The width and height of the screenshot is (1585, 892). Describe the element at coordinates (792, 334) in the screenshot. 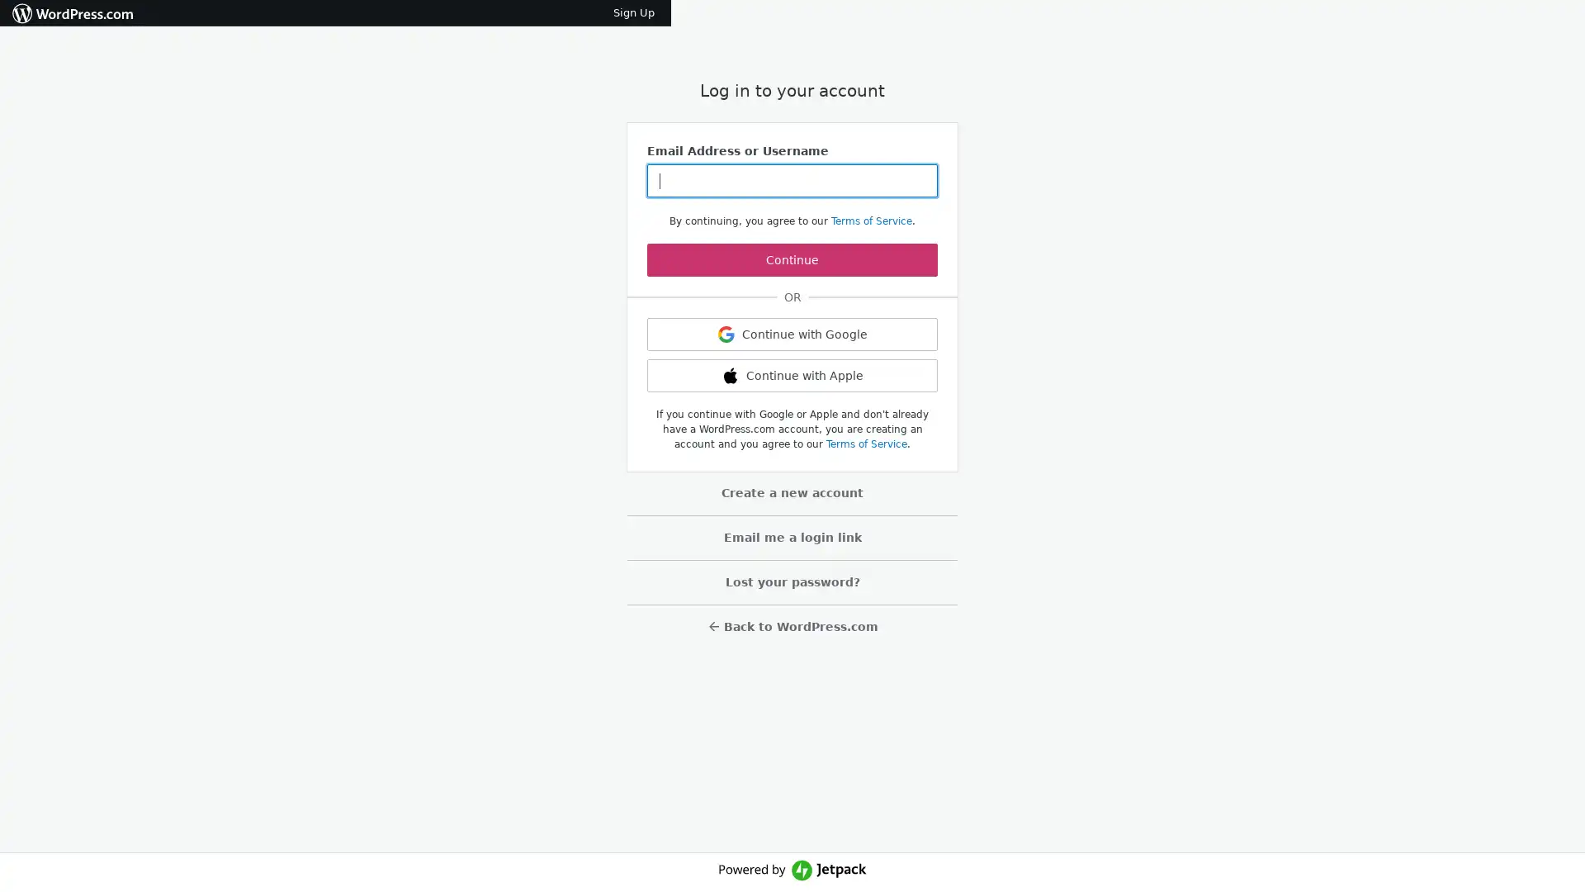

I see `Continue with Google` at that location.